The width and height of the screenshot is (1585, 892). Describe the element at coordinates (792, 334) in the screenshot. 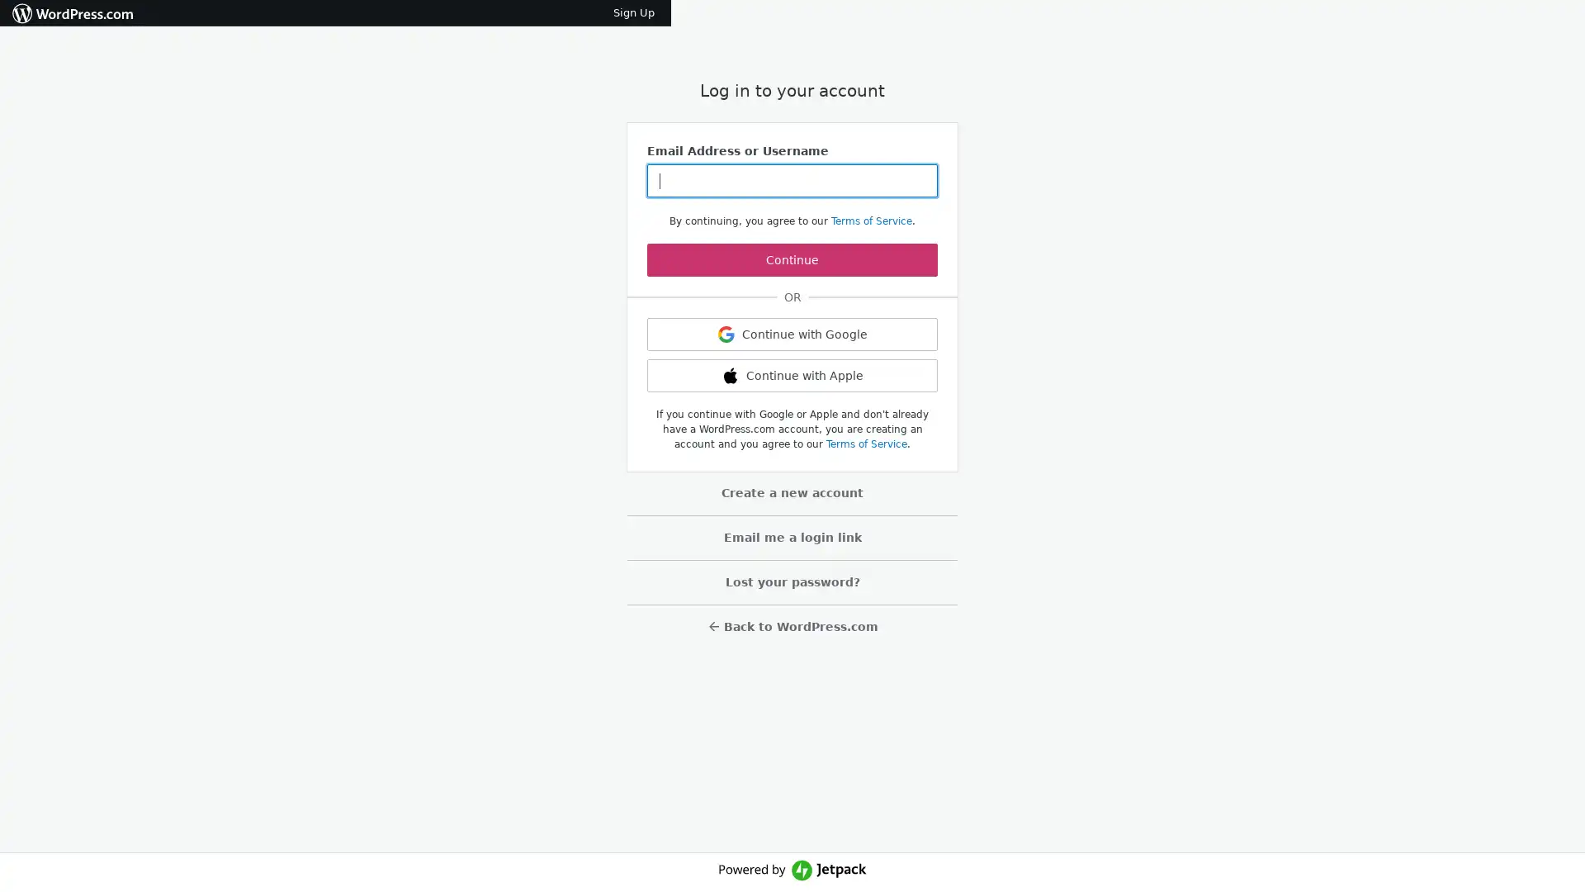

I see `Continue with Google` at that location.